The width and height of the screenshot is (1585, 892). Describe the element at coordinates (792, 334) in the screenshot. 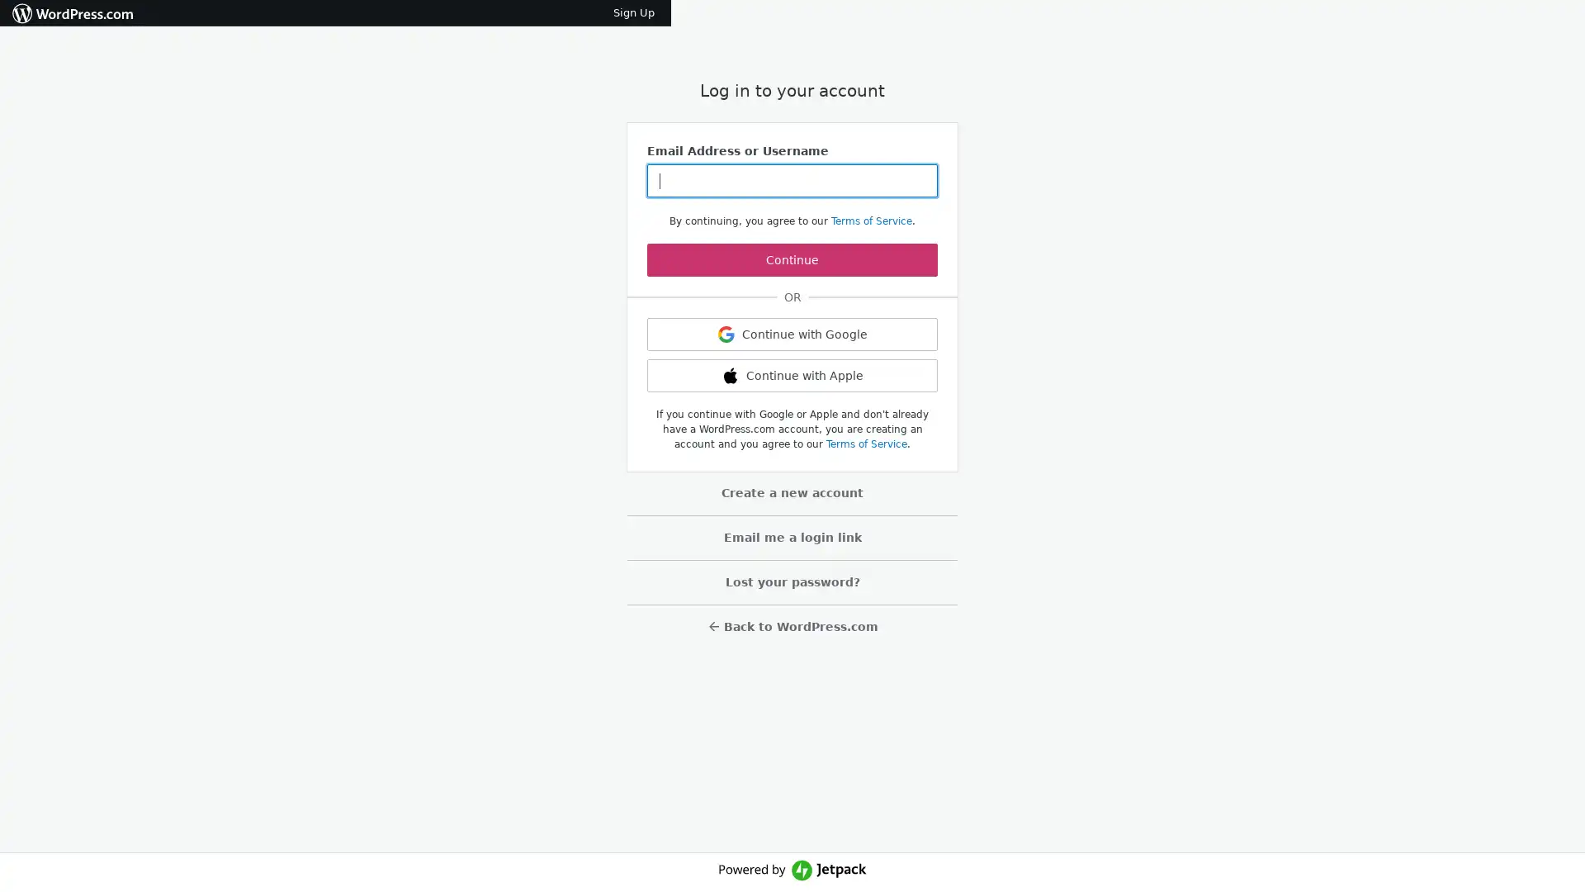

I see `Continue with Google` at that location.